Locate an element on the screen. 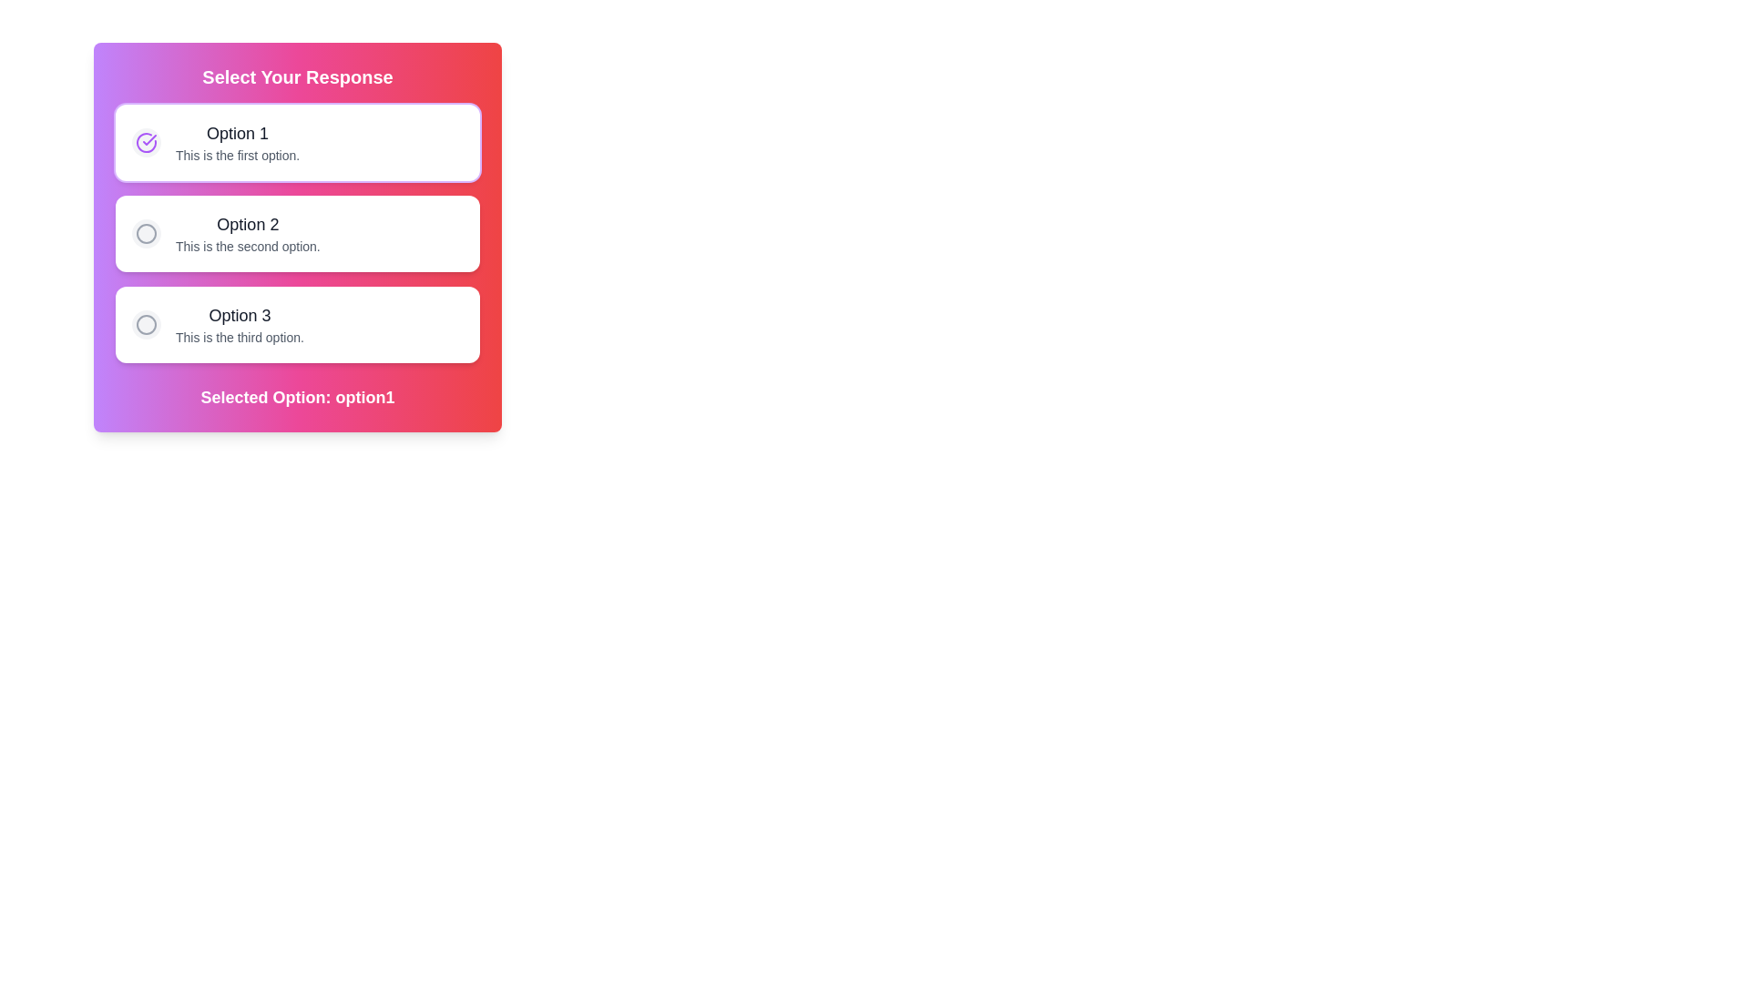  the second selectable option in the list, positioned below 'Option 1' and above 'Option 3' is located at coordinates (297, 233).